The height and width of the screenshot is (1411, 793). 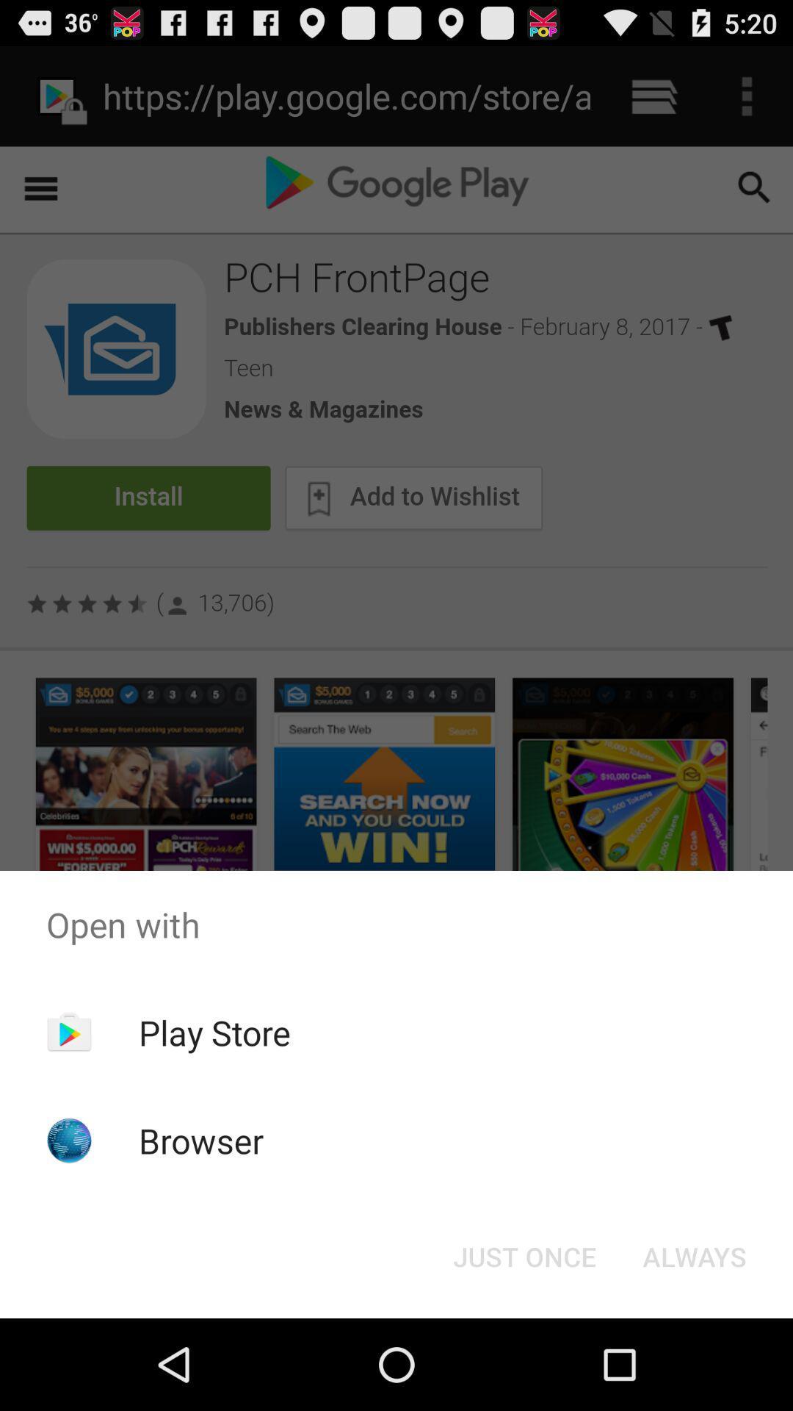 What do you see at coordinates (201, 1140) in the screenshot?
I see `browser` at bounding box center [201, 1140].